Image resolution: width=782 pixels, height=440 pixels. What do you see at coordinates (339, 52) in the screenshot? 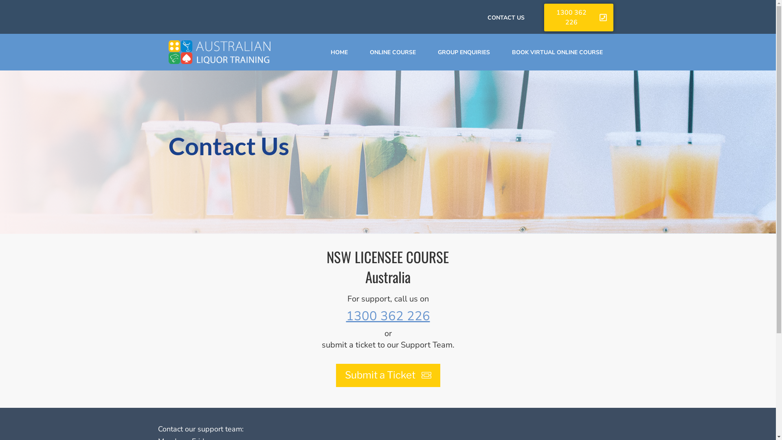
I see `'HOME'` at bounding box center [339, 52].